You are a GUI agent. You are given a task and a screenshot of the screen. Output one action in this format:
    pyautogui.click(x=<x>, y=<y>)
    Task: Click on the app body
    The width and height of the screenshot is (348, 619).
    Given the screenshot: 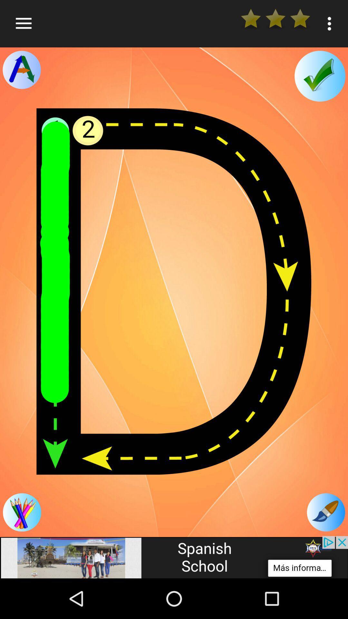 What is the action you would take?
    pyautogui.click(x=174, y=291)
    